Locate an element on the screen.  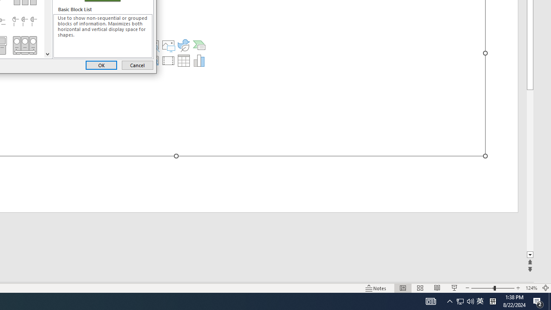
'Insert Table' is located at coordinates (183, 60).